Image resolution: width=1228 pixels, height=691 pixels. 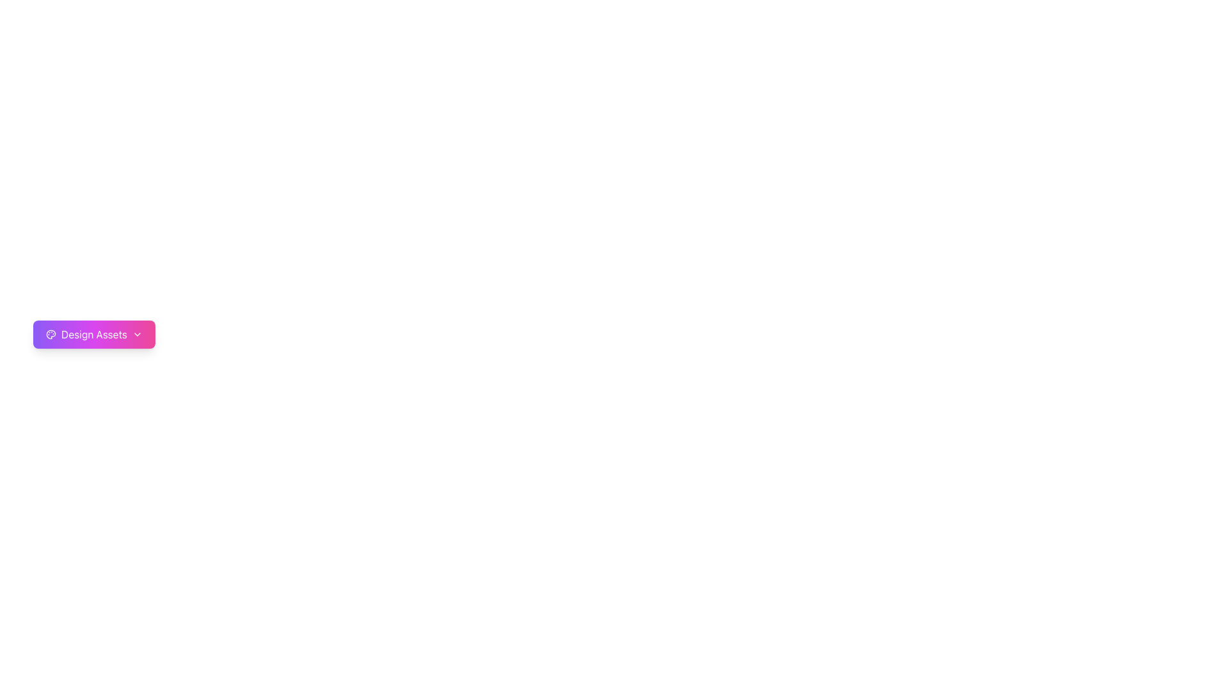 I want to click on the downward-facing chevron icon within the 'Design Assets' button to observe the animation, so click(x=138, y=334).